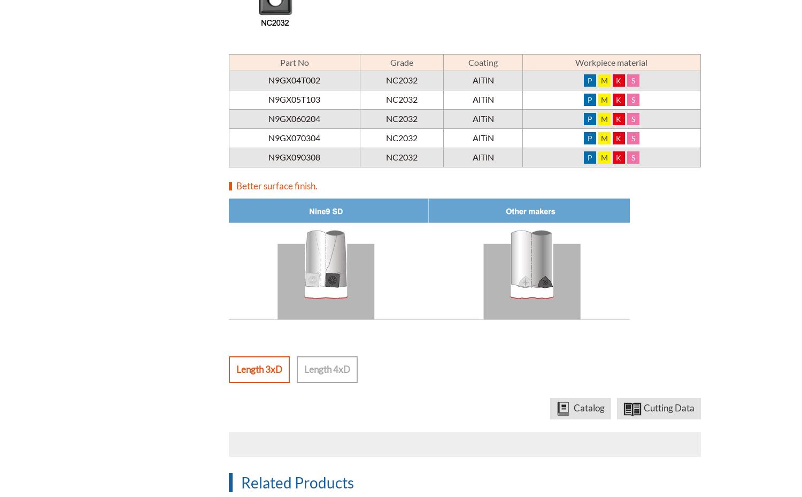 This screenshot has width=802, height=497. What do you see at coordinates (294, 157) in the screenshot?
I see `'N9GX090308'` at bounding box center [294, 157].